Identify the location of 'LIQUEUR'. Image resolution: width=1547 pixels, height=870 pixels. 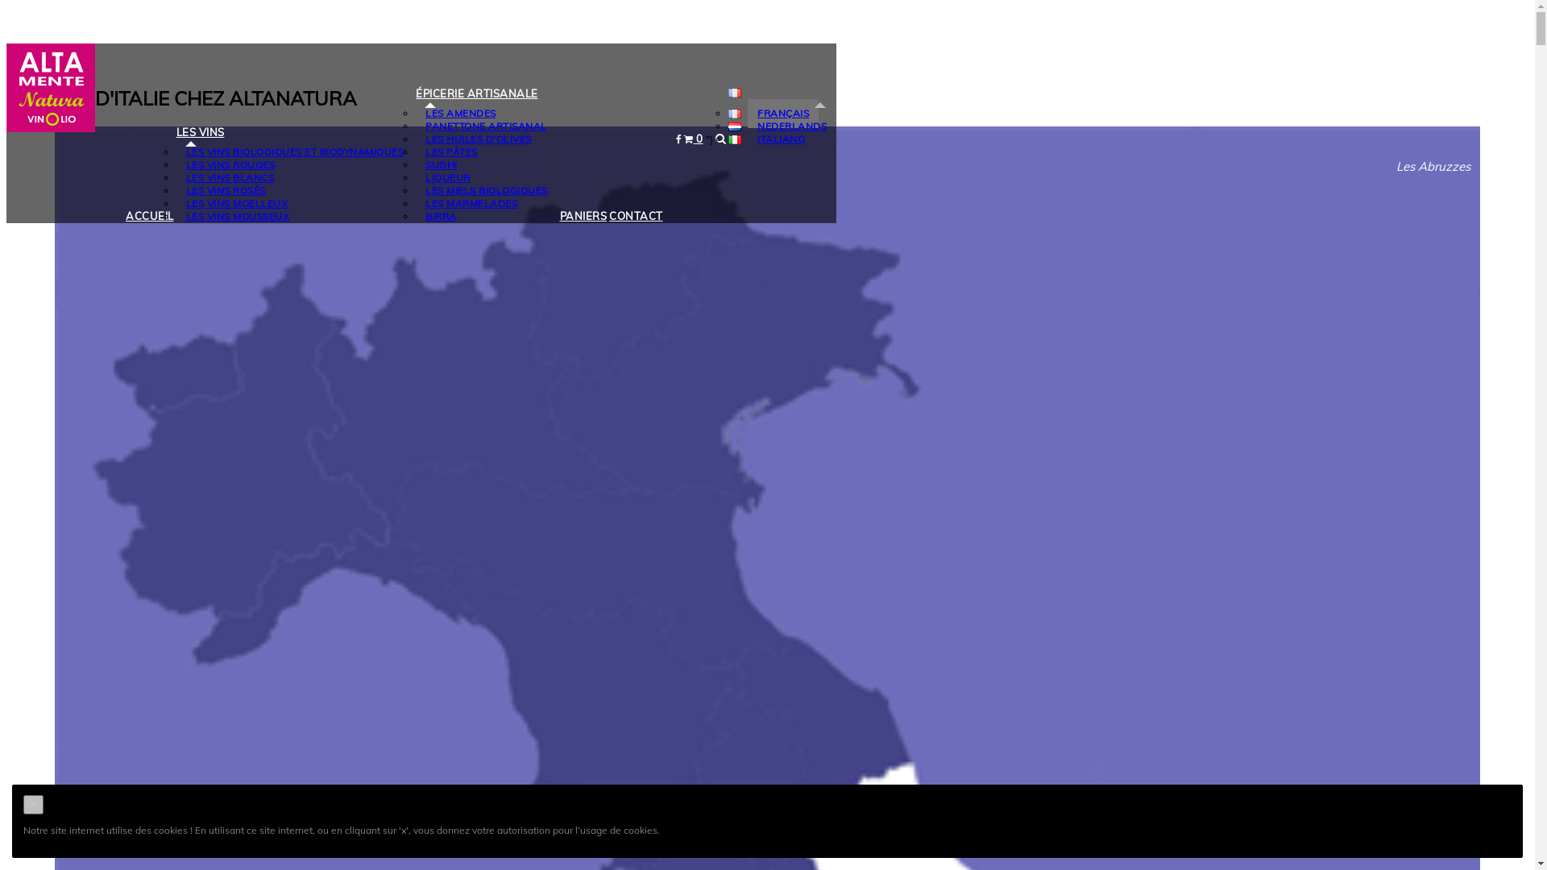
(448, 177).